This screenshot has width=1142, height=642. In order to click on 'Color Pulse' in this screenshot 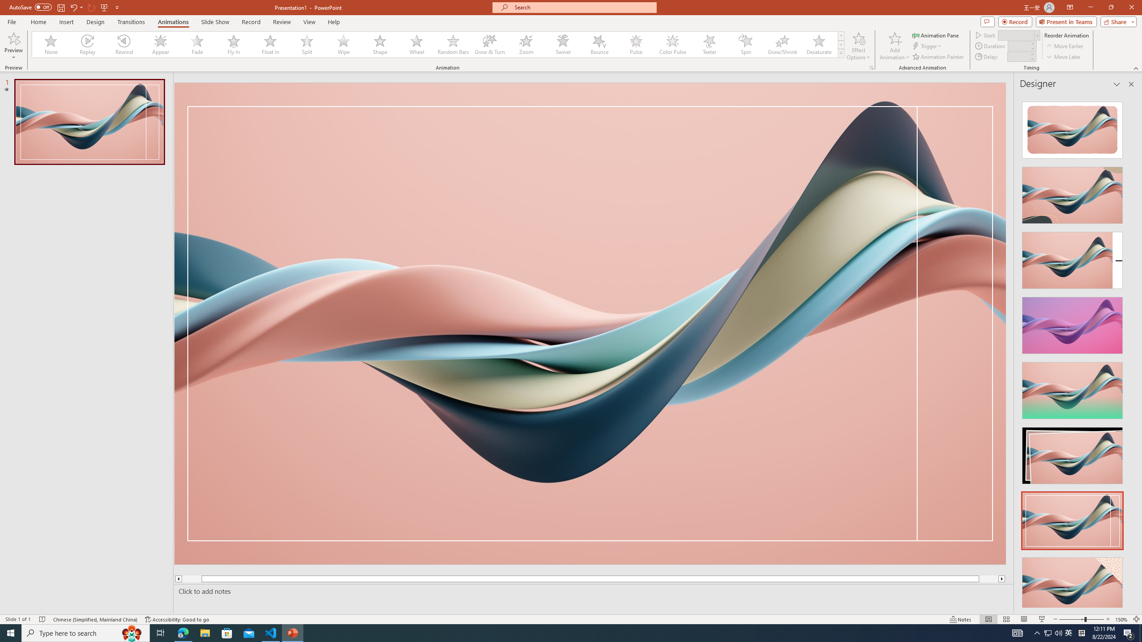, I will do `click(672, 44)`.